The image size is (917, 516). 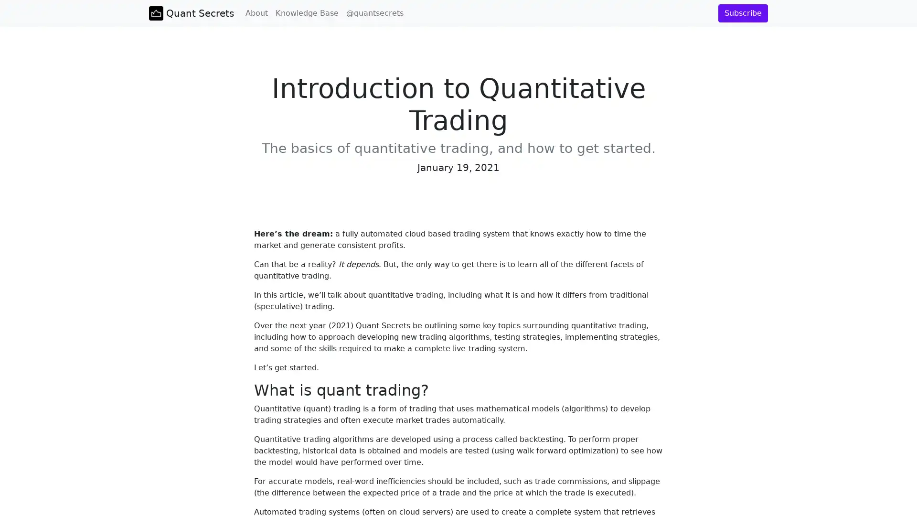 What do you see at coordinates (742, 13) in the screenshot?
I see `Subscribe` at bounding box center [742, 13].